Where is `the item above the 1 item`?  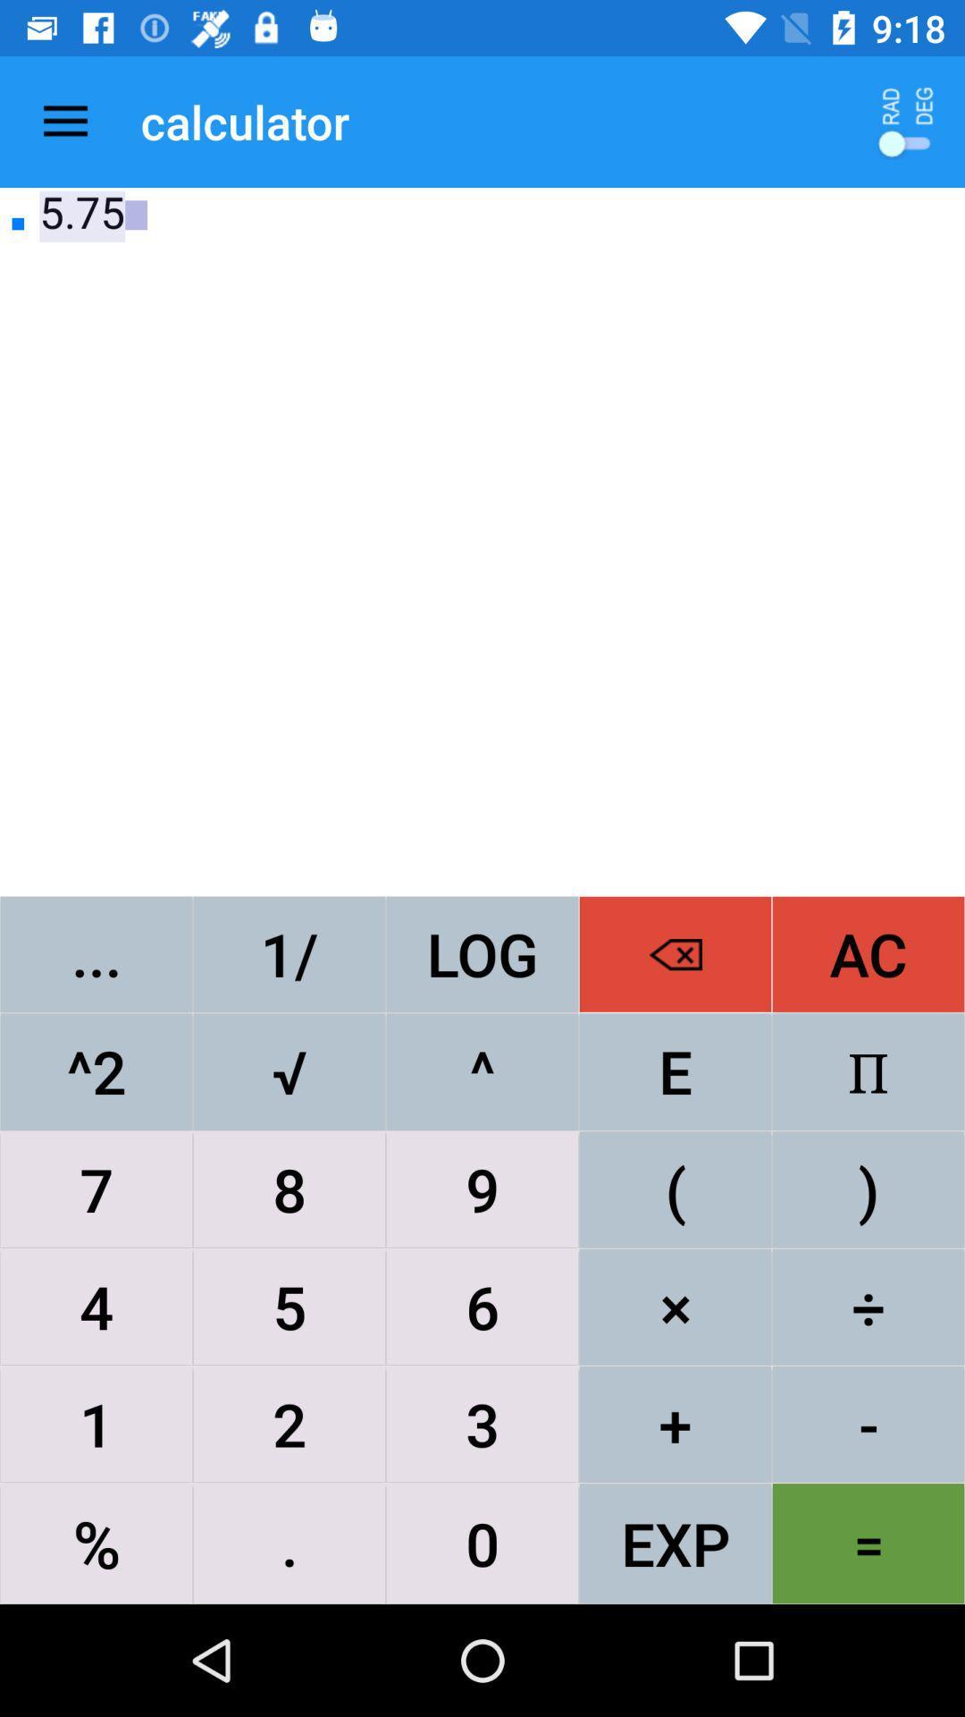 the item above the 1 item is located at coordinates (96, 1307).